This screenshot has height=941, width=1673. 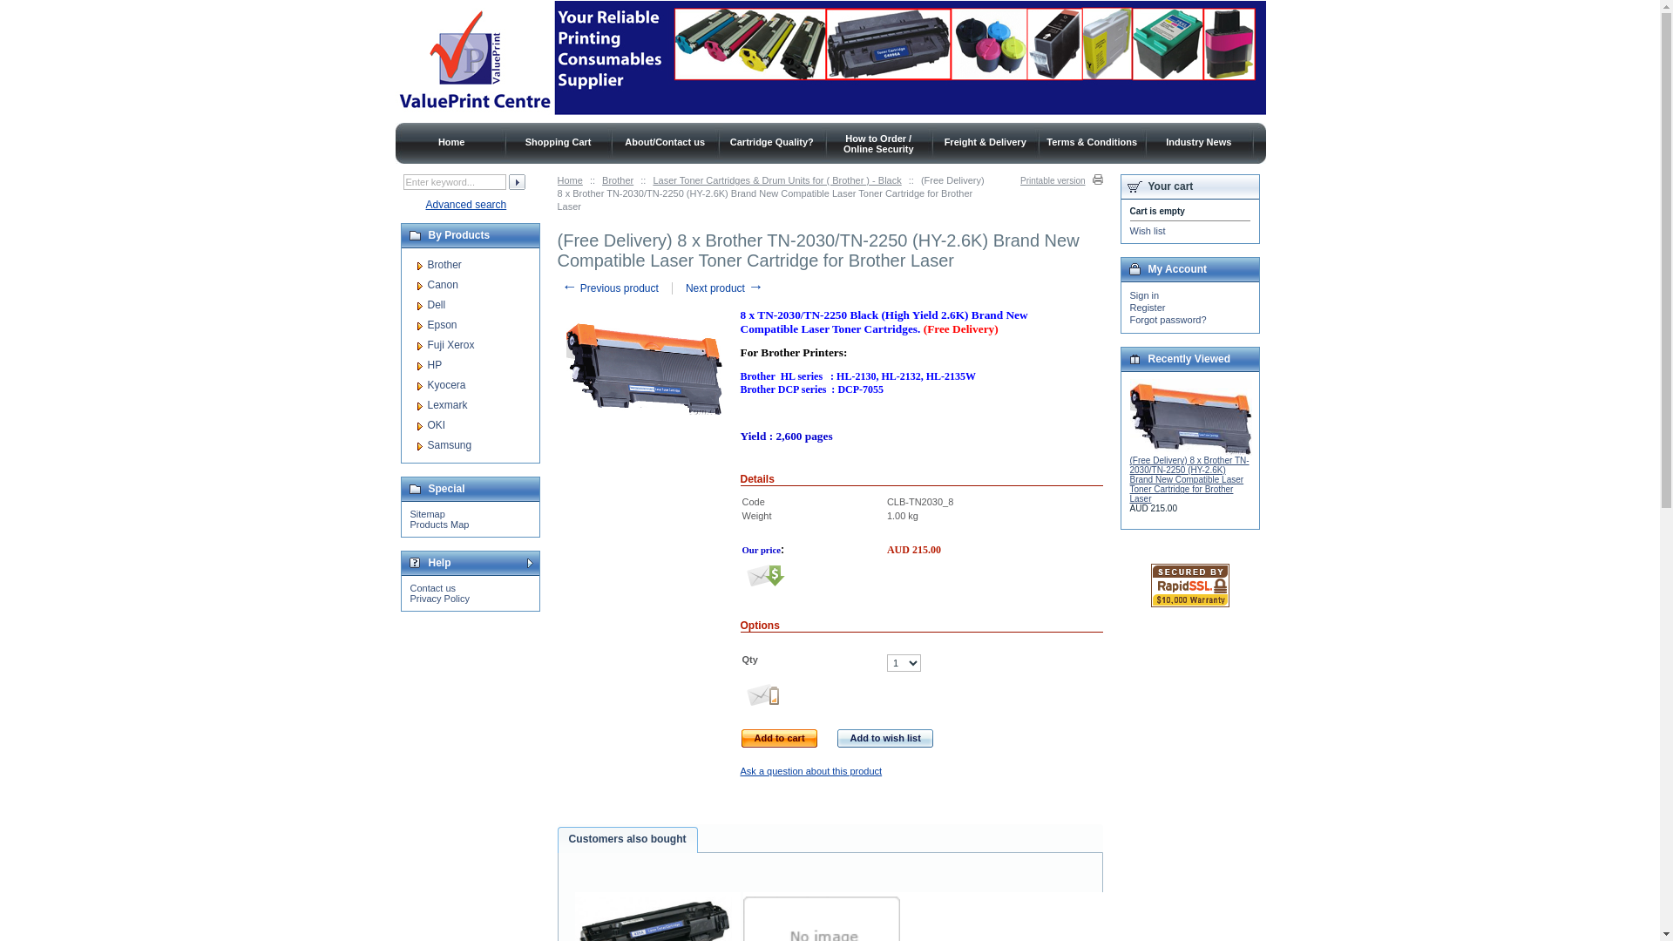 What do you see at coordinates (447, 405) in the screenshot?
I see `'Lexmark'` at bounding box center [447, 405].